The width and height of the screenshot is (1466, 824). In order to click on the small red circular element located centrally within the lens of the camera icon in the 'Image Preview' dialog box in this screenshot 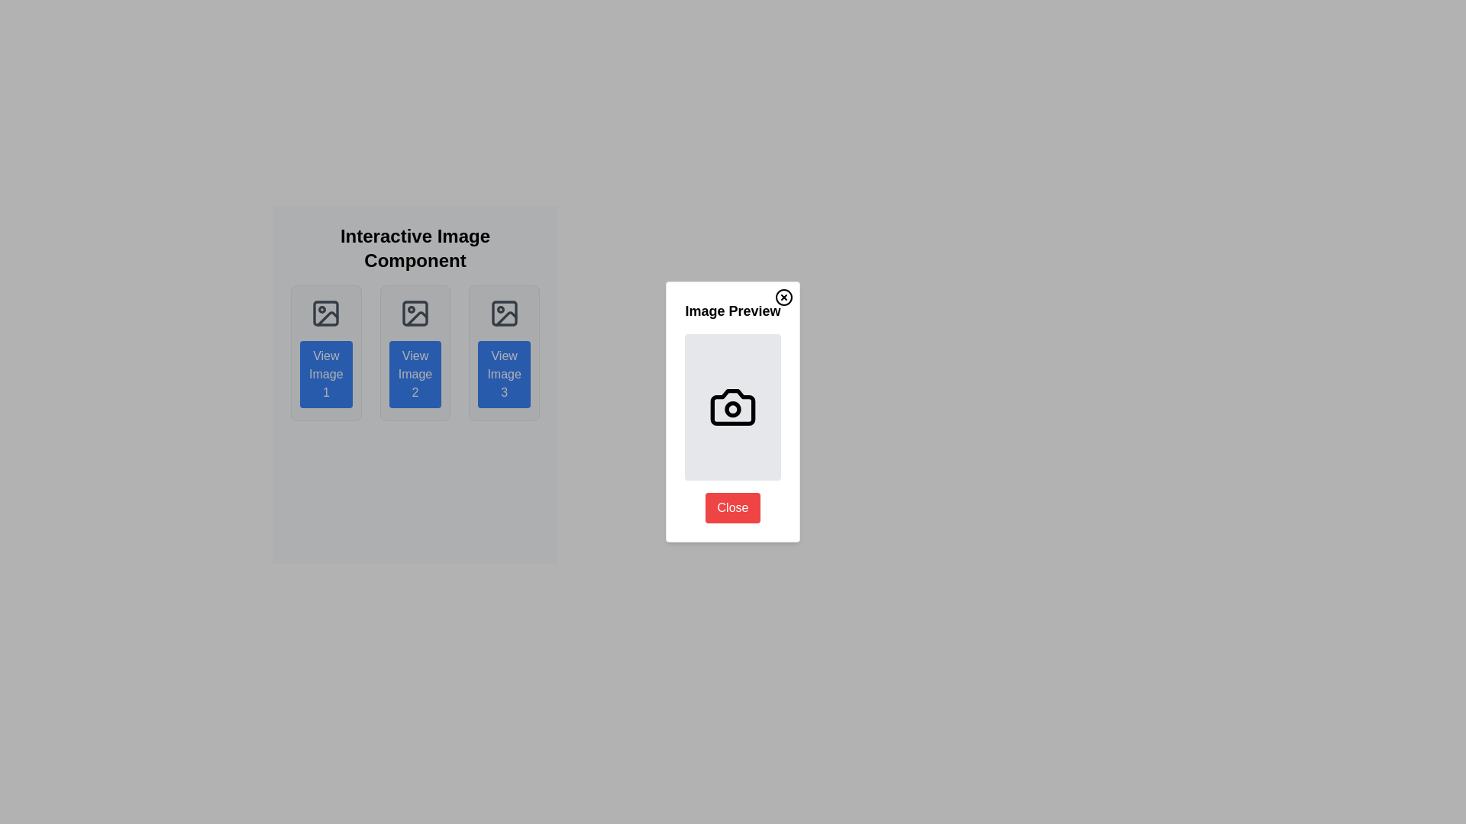, I will do `click(733, 408)`.